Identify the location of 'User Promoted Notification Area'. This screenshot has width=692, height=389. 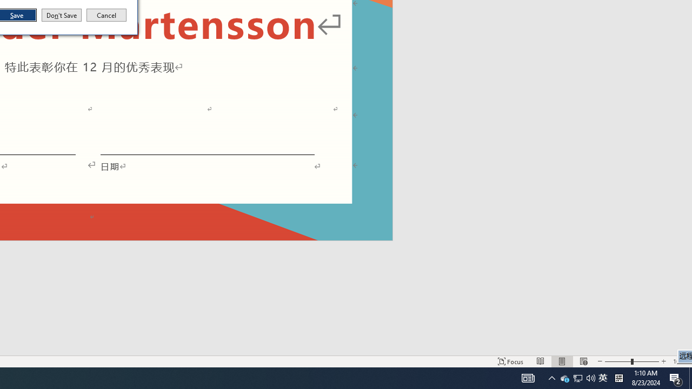
(551, 377).